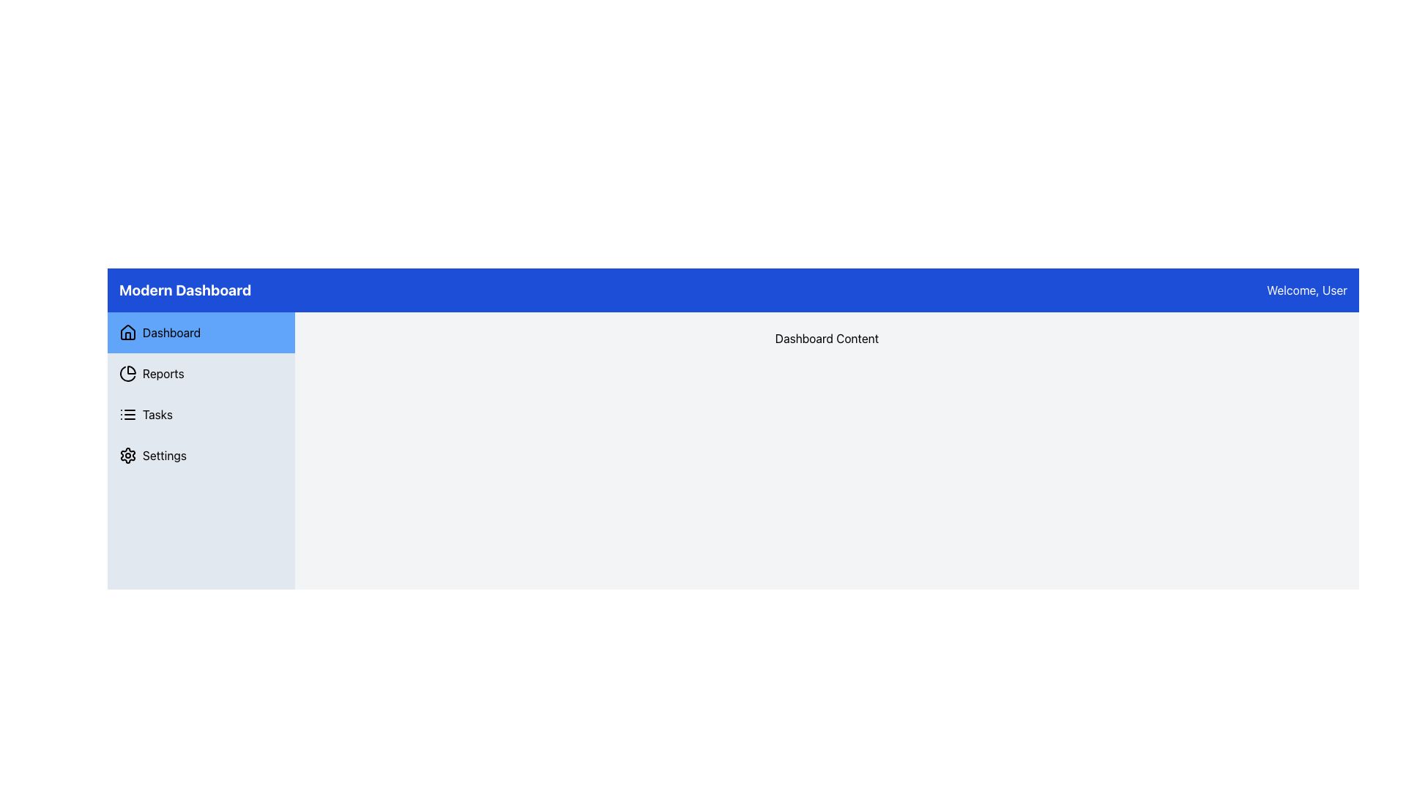 The width and height of the screenshot is (1406, 790). I want to click on the Text Label that serves as a title or heading, located near the upper center of the main content area, directly under the top navigation bar, so click(827, 338).